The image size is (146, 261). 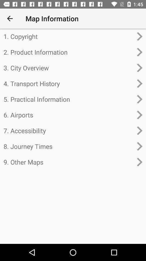 What do you see at coordinates (68, 99) in the screenshot?
I see `the 5. practical information` at bounding box center [68, 99].